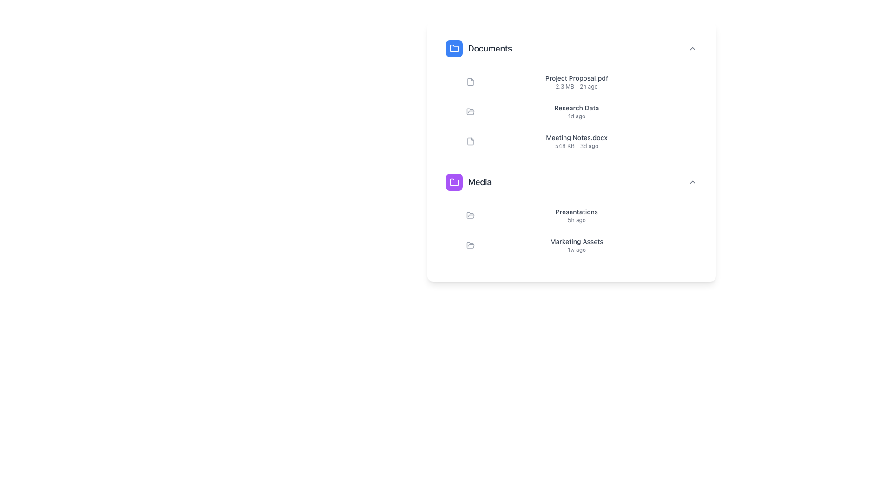  Describe the element at coordinates (576, 111) in the screenshot. I see `the 'Research Data' text block located` at that location.